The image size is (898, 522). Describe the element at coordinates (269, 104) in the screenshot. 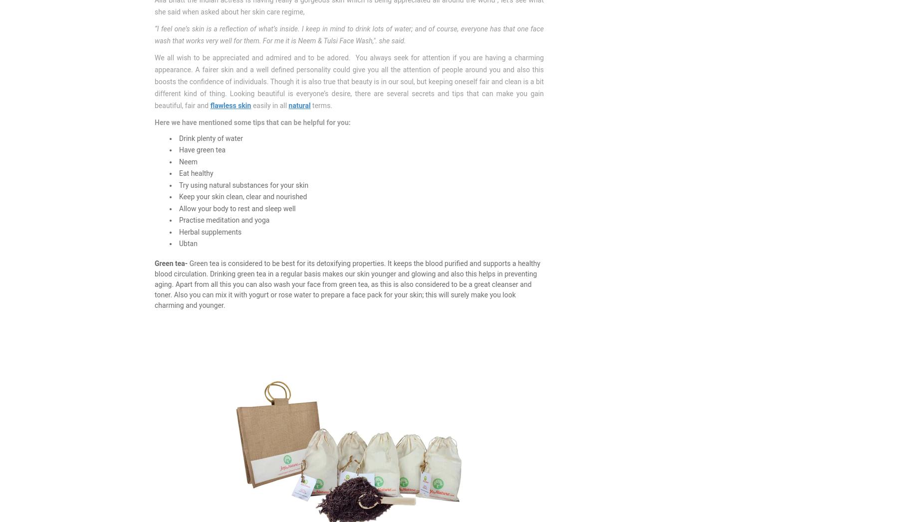

I see `'easily in all'` at that location.